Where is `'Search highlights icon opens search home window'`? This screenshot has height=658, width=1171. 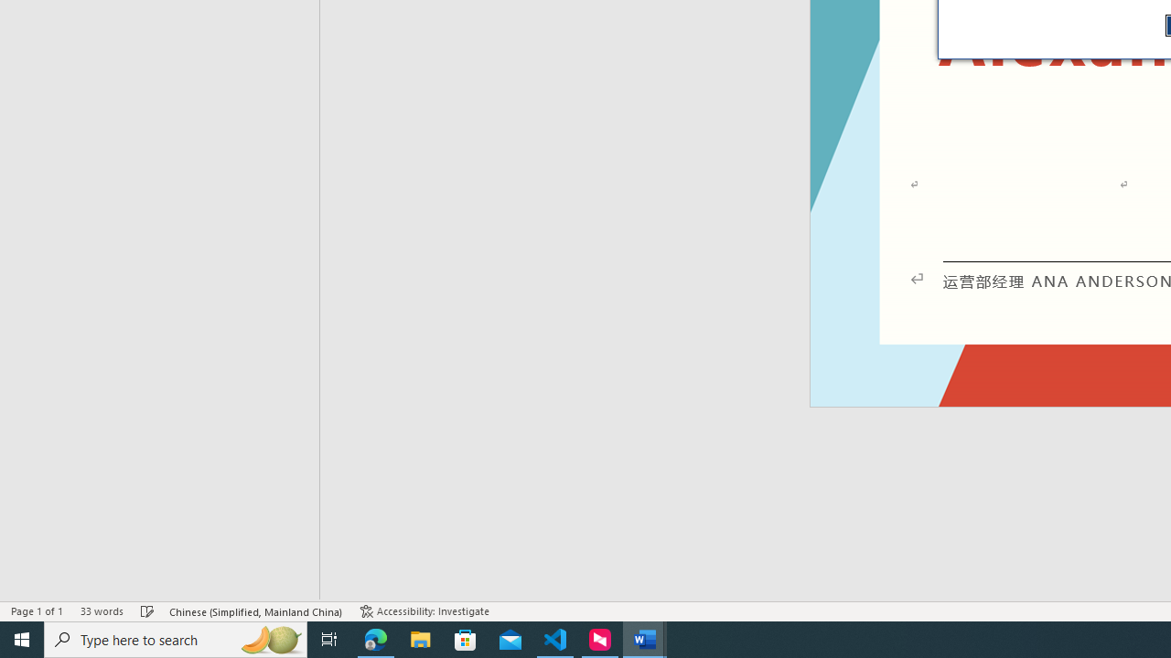
'Search highlights icon opens search home window' is located at coordinates (269, 638).